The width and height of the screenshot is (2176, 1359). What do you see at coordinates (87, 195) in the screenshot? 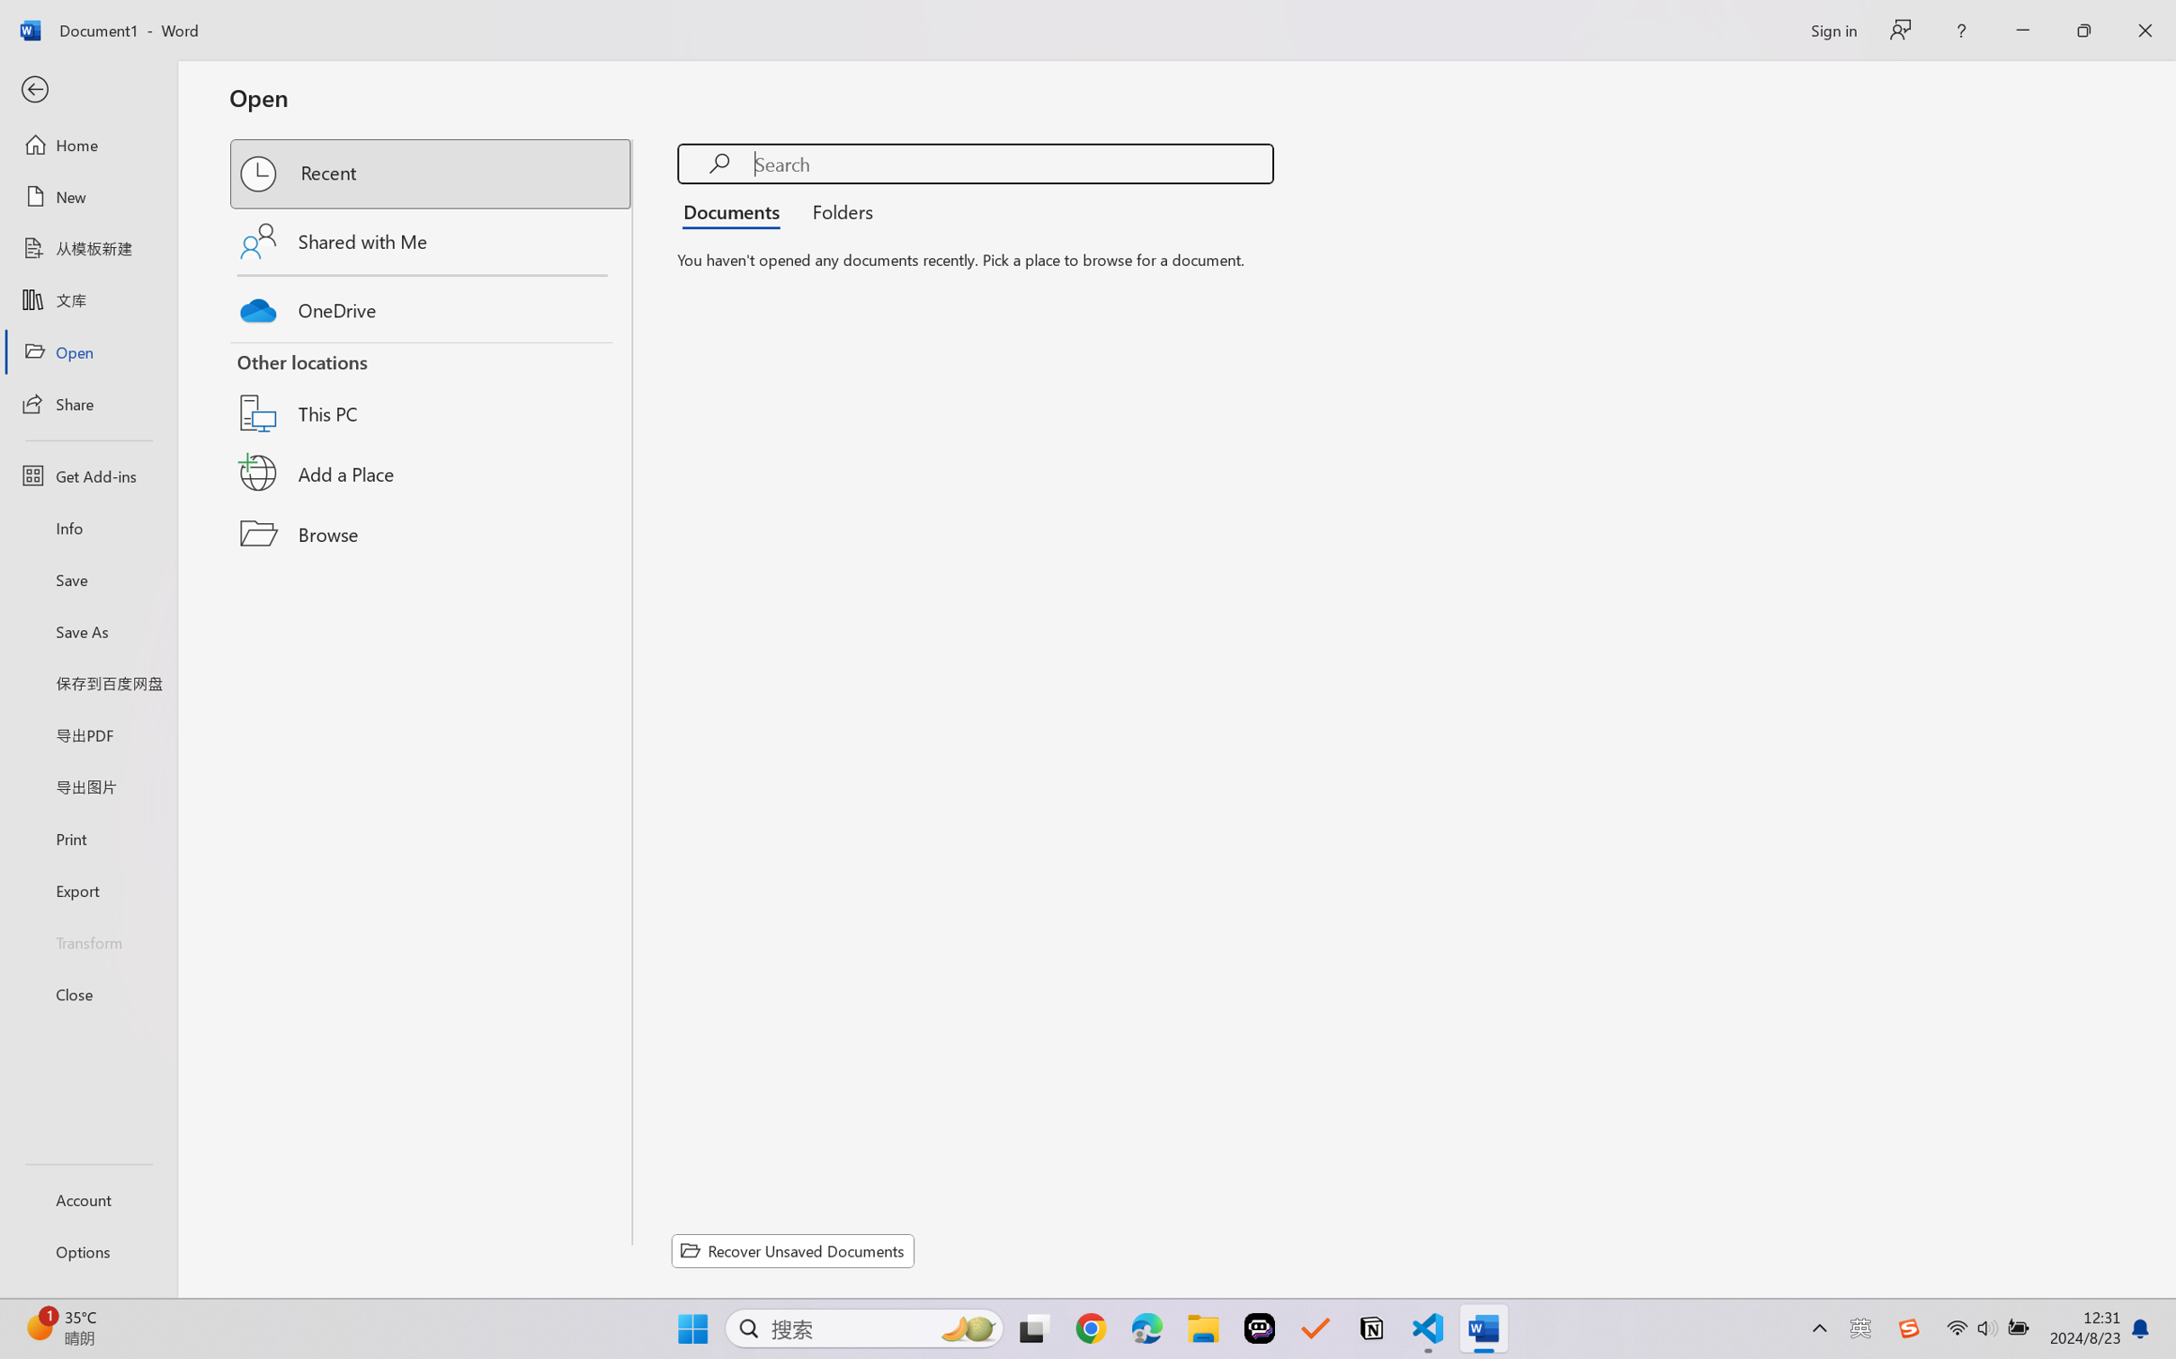
I see `'New'` at bounding box center [87, 195].